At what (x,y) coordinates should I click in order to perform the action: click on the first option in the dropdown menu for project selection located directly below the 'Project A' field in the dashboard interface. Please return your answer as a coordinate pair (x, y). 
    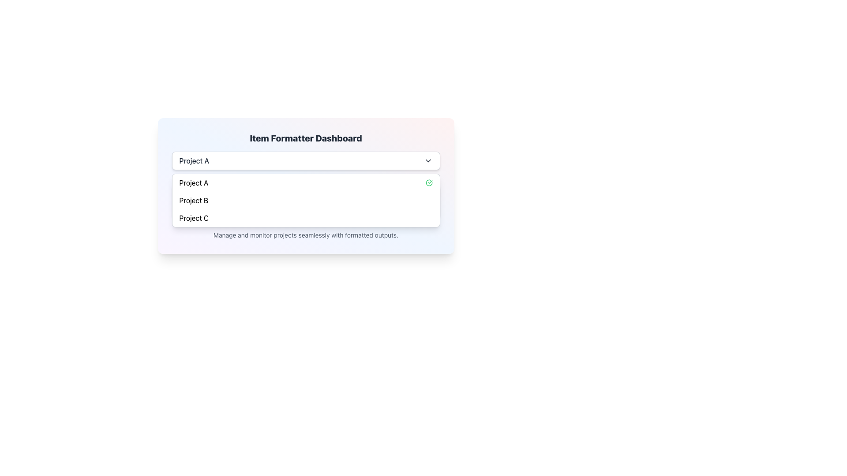
    Looking at the image, I should click on (193, 182).